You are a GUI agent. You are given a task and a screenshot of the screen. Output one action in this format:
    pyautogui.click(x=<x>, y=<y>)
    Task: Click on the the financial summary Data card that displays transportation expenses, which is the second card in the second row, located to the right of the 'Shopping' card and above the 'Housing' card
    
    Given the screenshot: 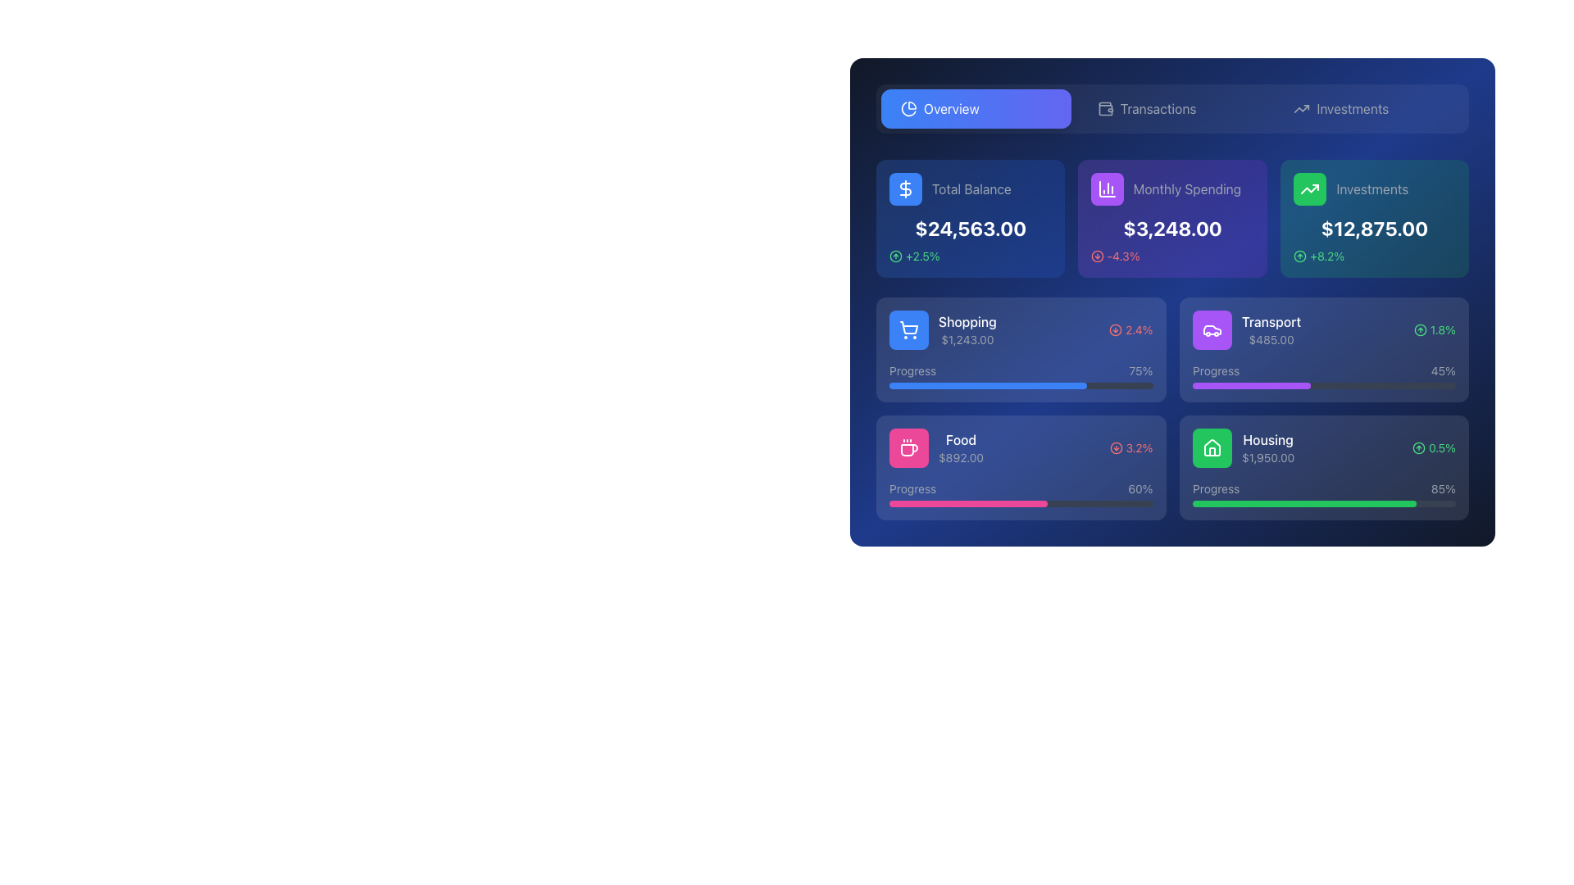 What is the action you would take?
    pyautogui.click(x=1324, y=329)
    